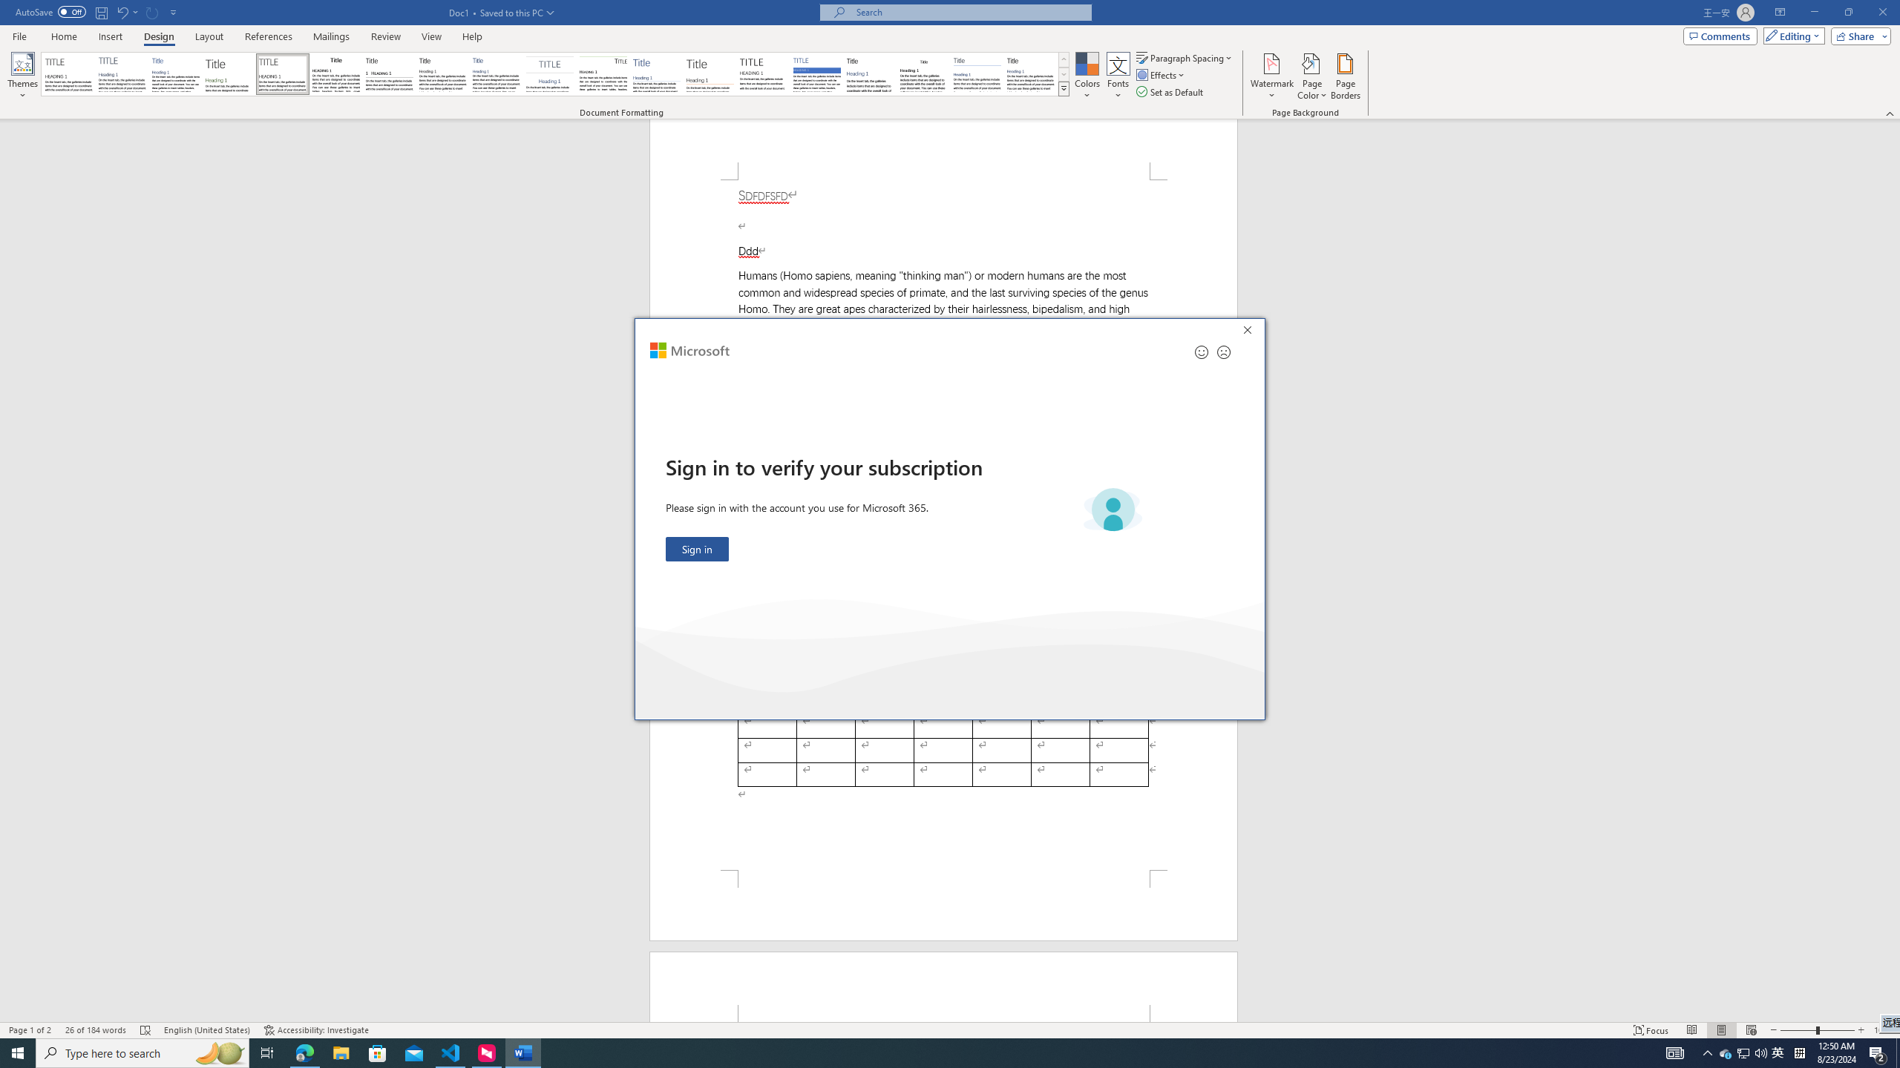 This screenshot has width=1900, height=1068. What do you see at coordinates (121, 11) in the screenshot?
I see `'Undo Apply Quick Style Set'` at bounding box center [121, 11].